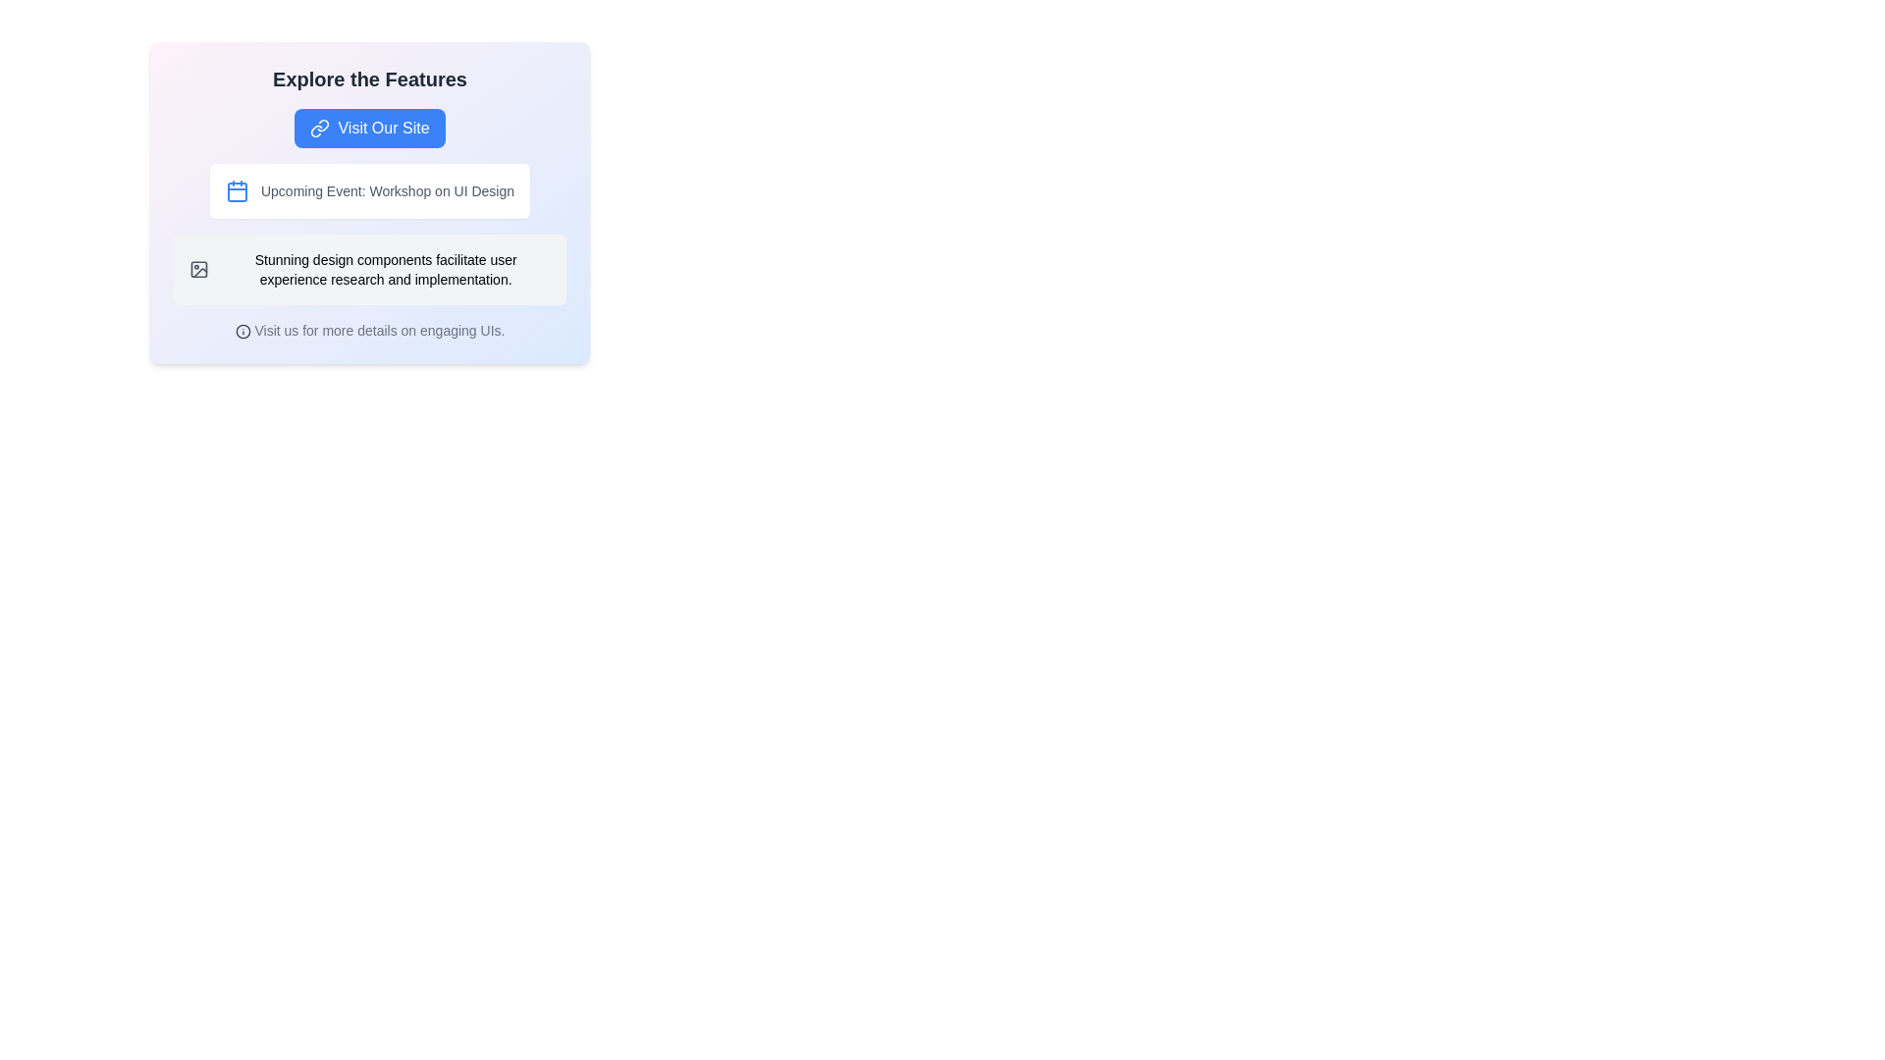 This screenshot has height=1060, width=1885. I want to click on the calendar icon located to the left of the text 'Upcoming Event: Workshop on UI Design', so click(236, 192).